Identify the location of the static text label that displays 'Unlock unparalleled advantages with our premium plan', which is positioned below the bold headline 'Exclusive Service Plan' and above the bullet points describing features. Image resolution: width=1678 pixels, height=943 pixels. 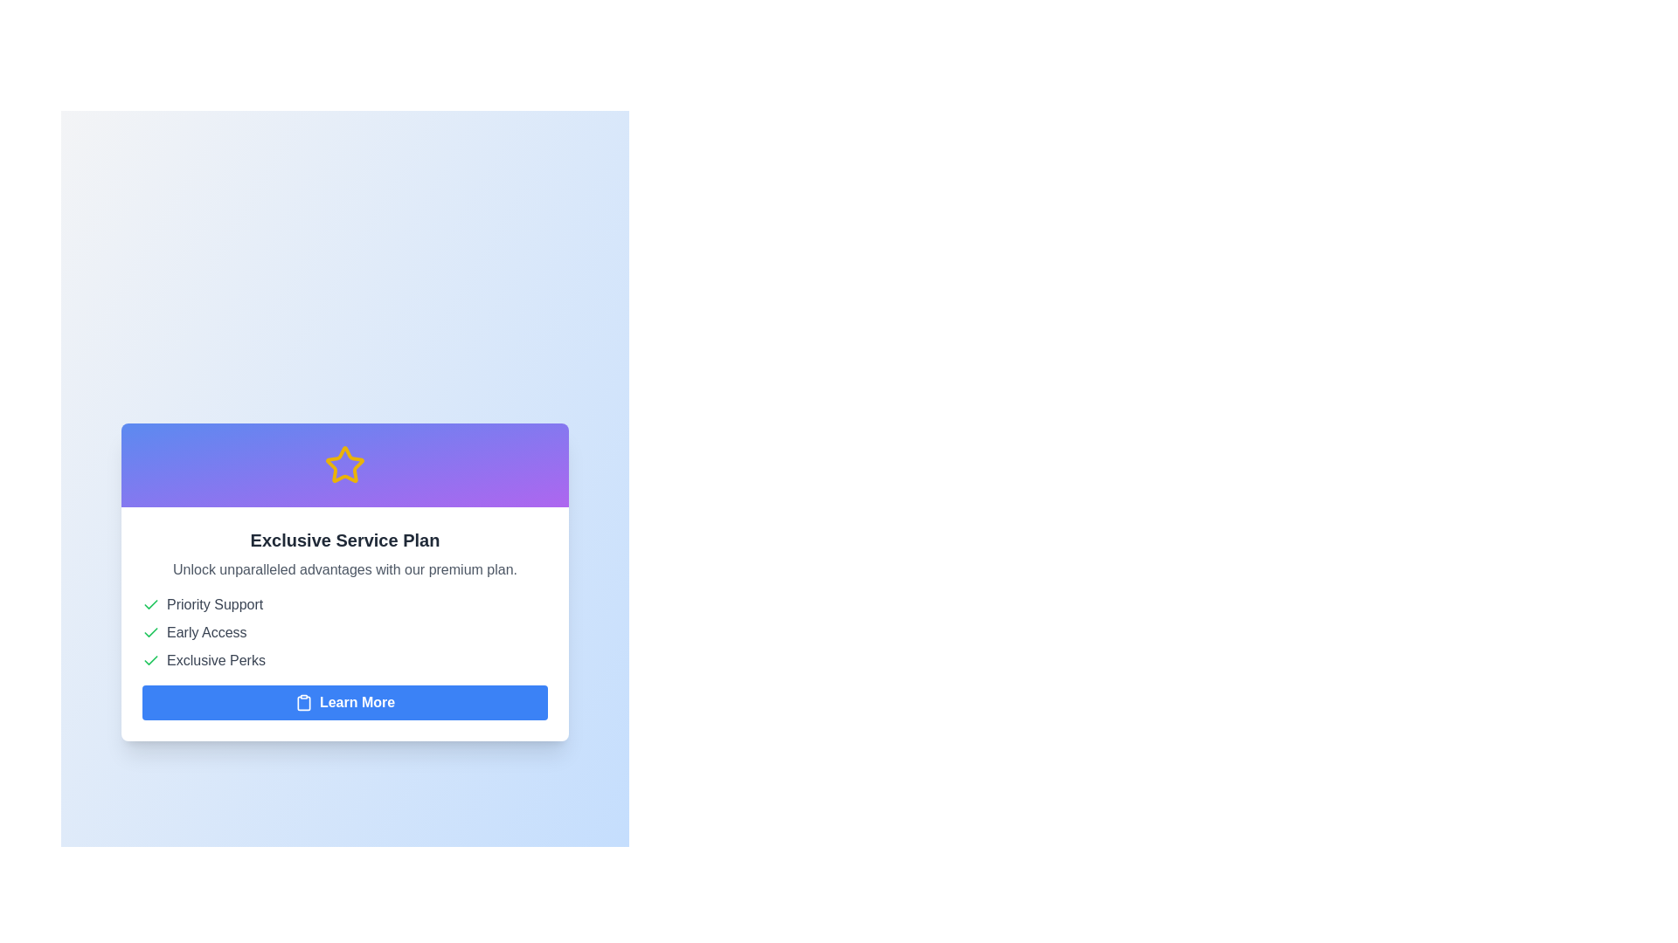
(344, 569).